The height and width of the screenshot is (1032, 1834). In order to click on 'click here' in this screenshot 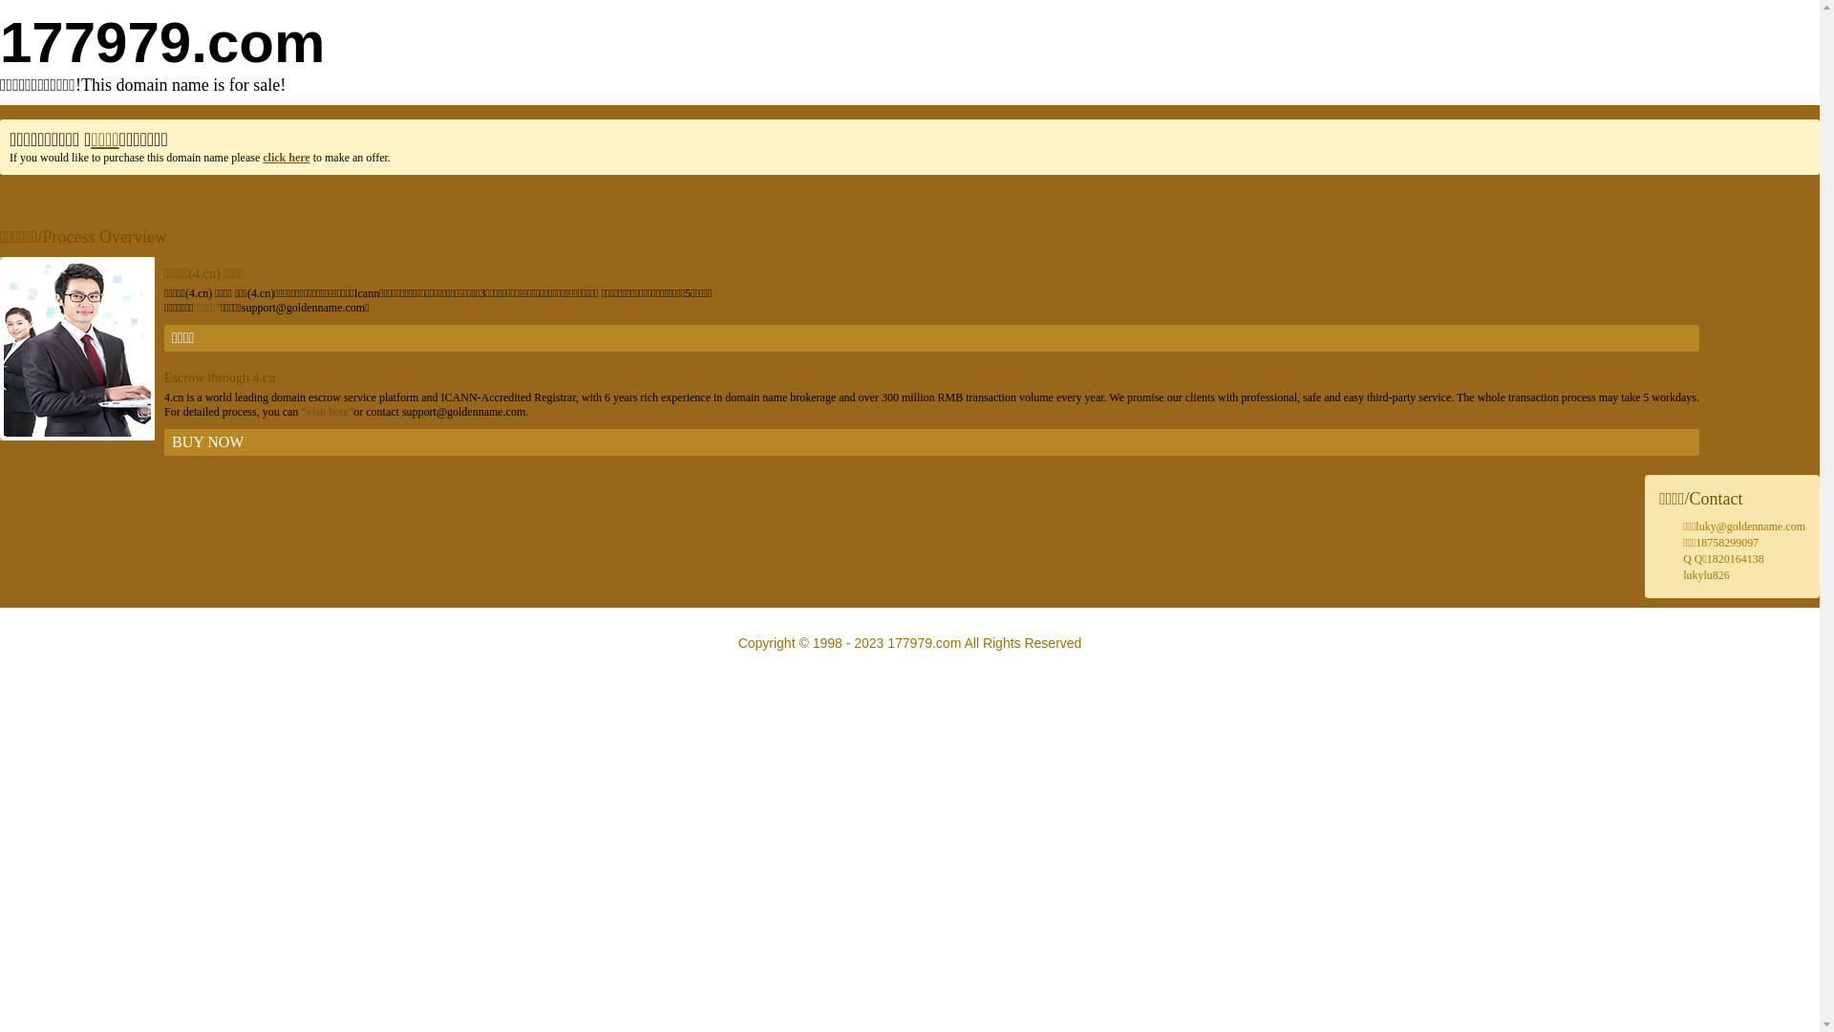, I will do `click(285, 157)`.